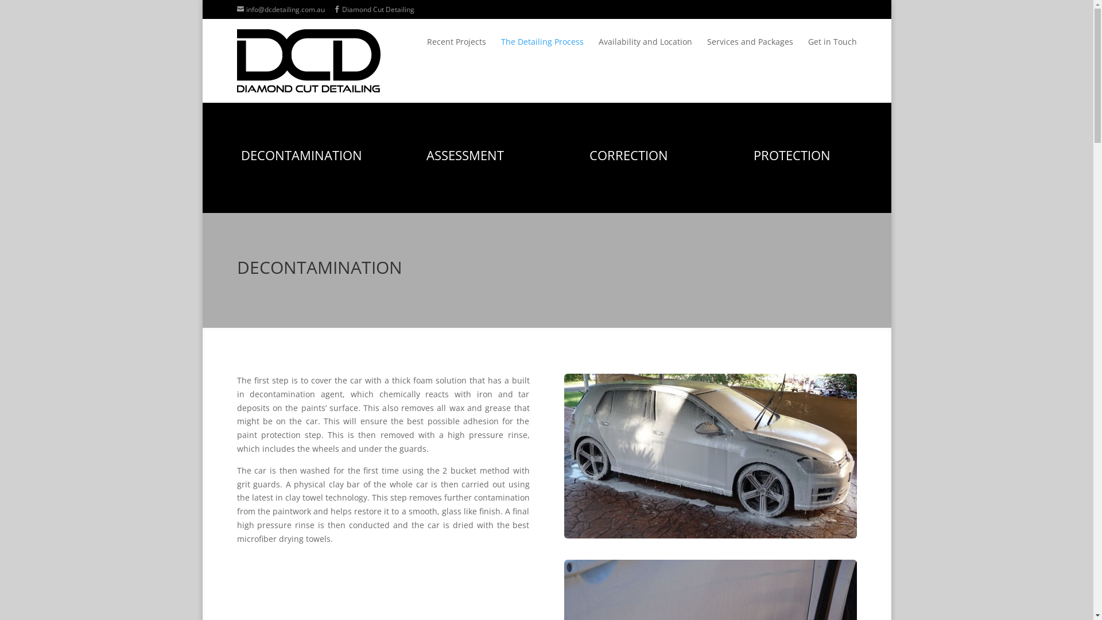 The height and width of the screenshot is (620, 1102). Describe the element at coordinates (589, 155) in the screenshot. I see `'CORRECTION'` at that location.